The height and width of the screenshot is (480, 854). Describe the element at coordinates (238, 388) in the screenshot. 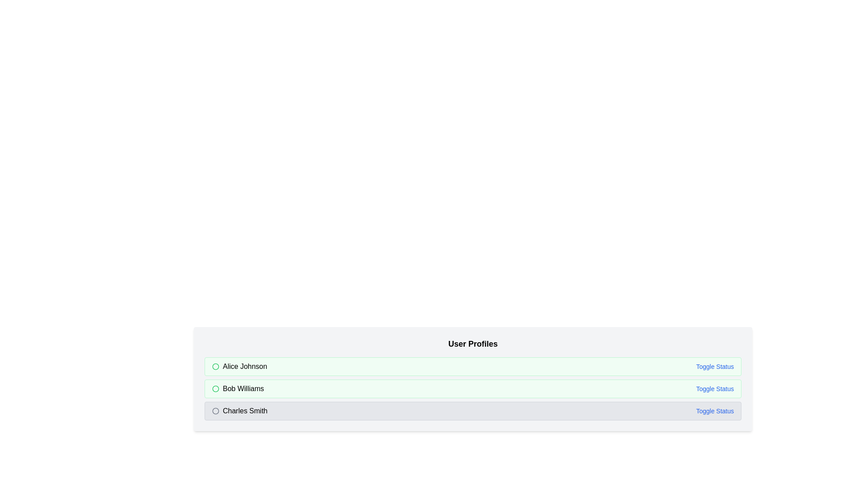

I see `the Text label displaying 'Bob Williams', which is the second item in a vertical list of user entries` at that location.